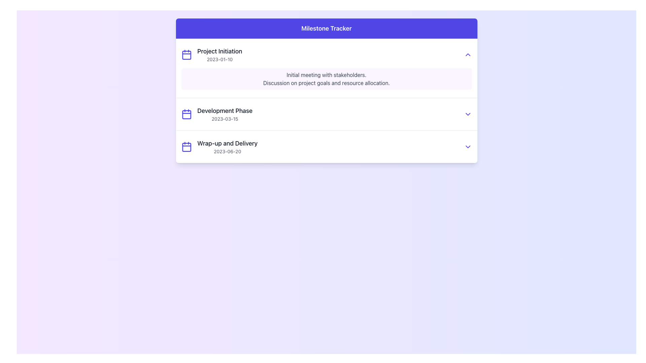 This screenshot has height=363, width=646. Describe the element at coordinates (326, 79) in the screenshot. I see `the rectangular text component with a light purple background that contains the text 'Initial meeting with stakeholders. Discussion on project goals and resource allocation.' positioned below the 'Project Initiation 2023-01-10' section in the milestone tracker interface` at that location.